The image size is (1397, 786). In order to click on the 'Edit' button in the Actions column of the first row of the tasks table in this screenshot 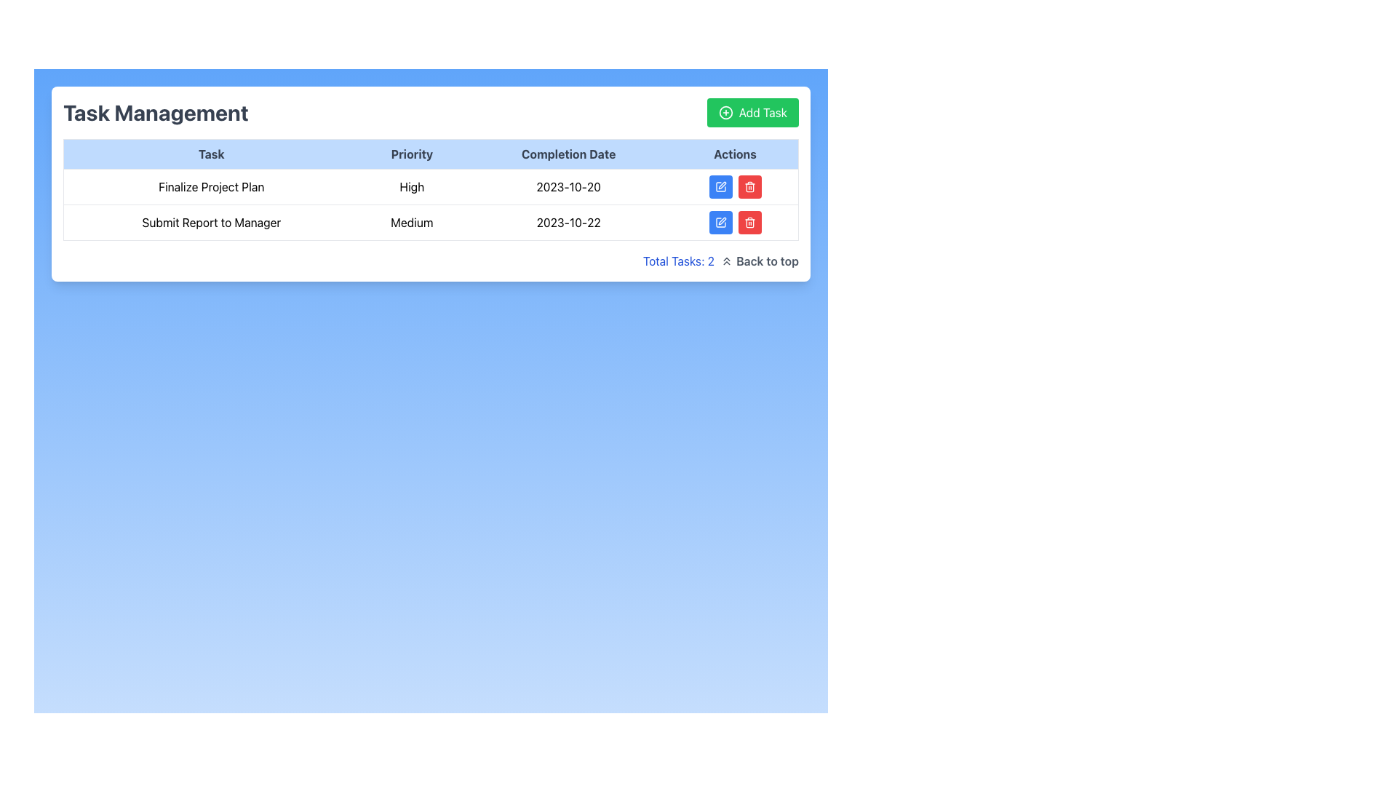, I will do `click(720, 186)`.